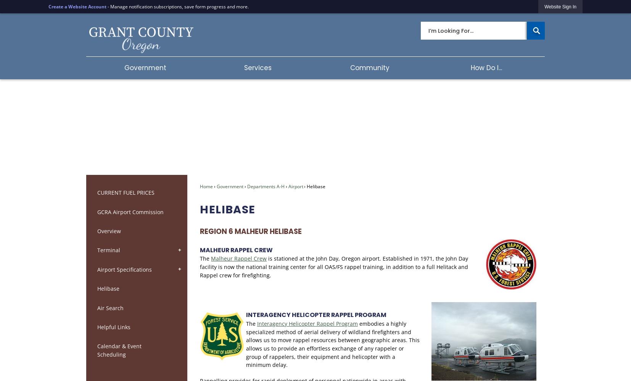 This screenshot has width=631, height=381. Describe the element at coordinates (486, 67) in the screenshot. I see `'How Do I...'` at that location.